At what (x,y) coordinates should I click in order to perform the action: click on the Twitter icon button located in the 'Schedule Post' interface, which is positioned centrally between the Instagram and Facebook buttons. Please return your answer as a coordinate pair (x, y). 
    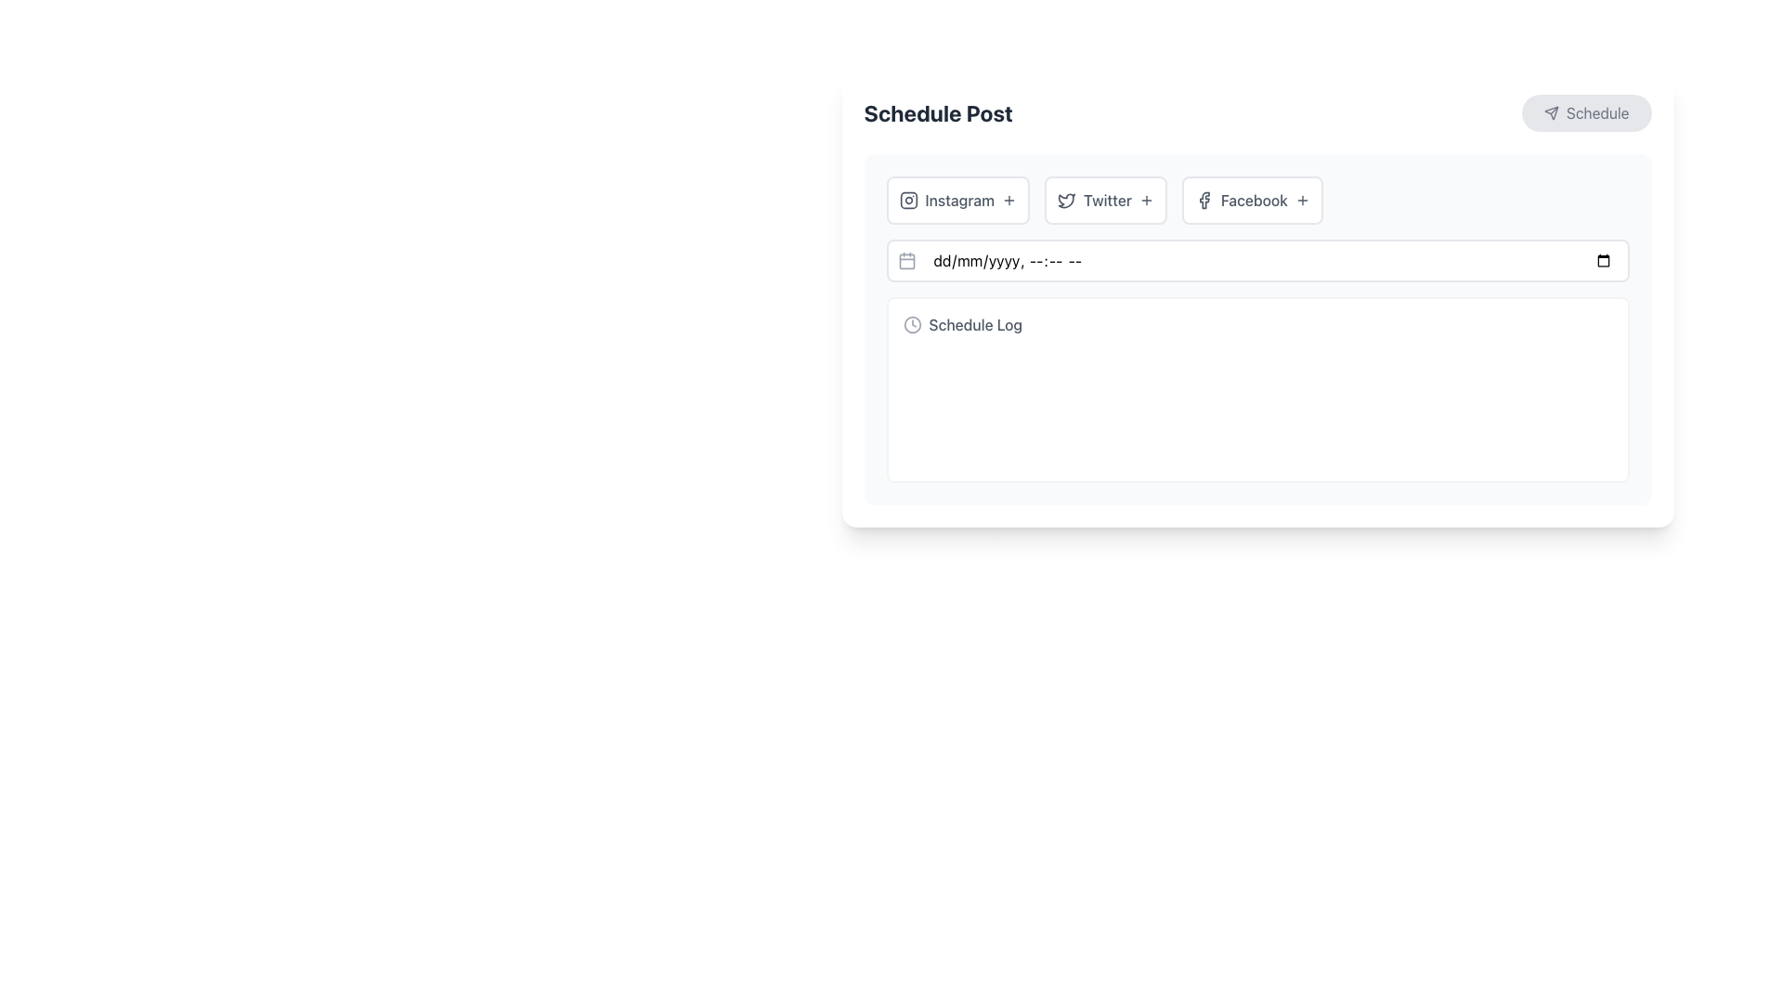
    Looking at the image, I should click on (1066, 201).